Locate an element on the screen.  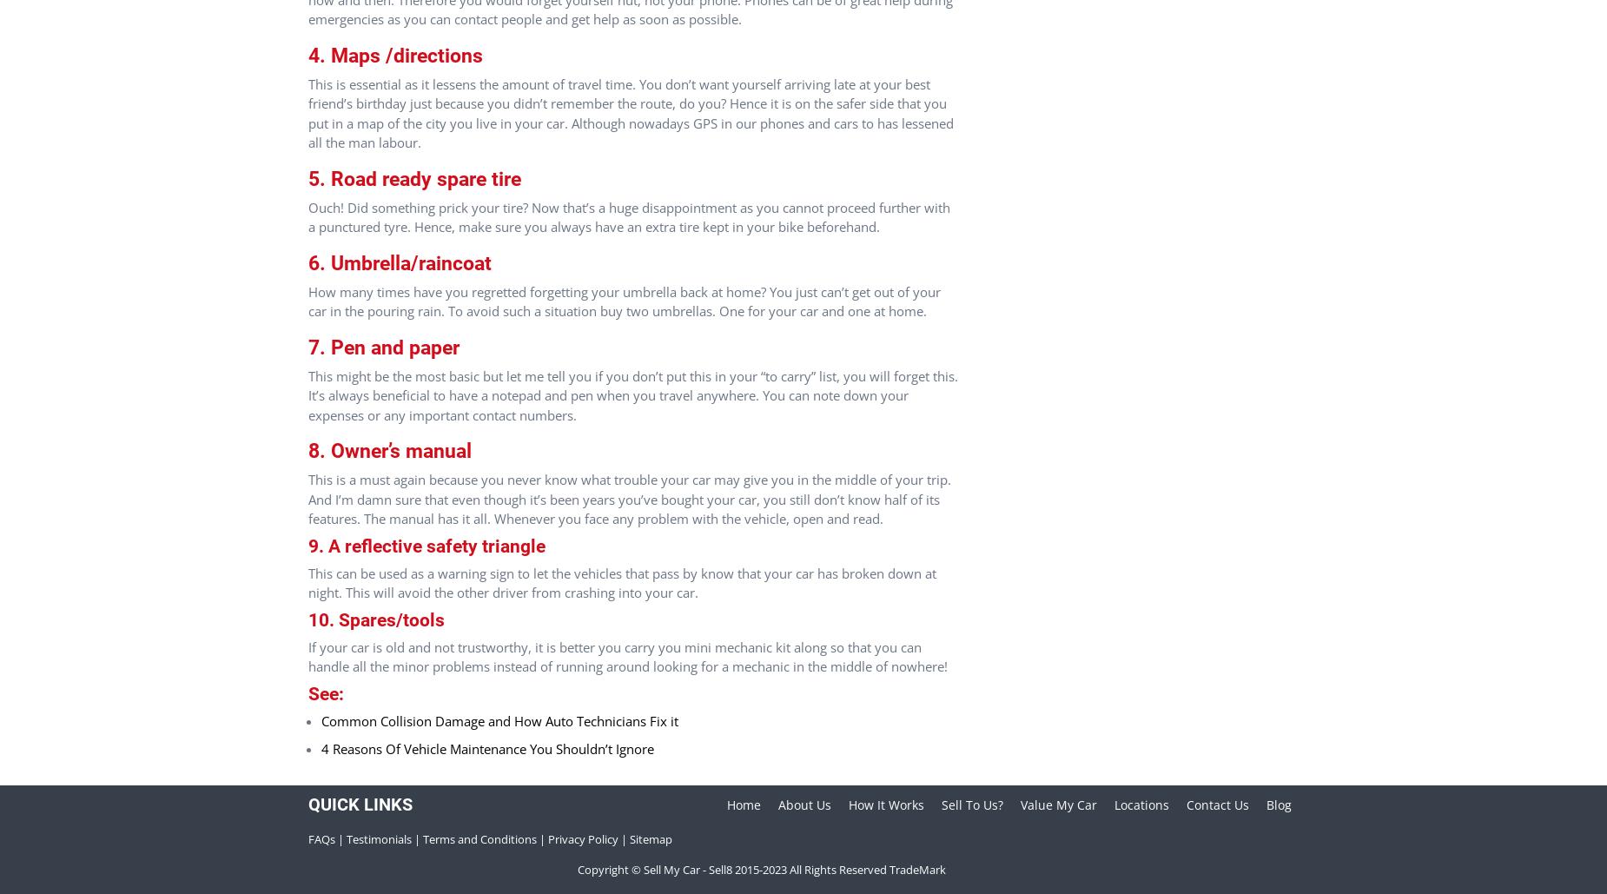
'Quick Links' is located at coordinates (308, 803).